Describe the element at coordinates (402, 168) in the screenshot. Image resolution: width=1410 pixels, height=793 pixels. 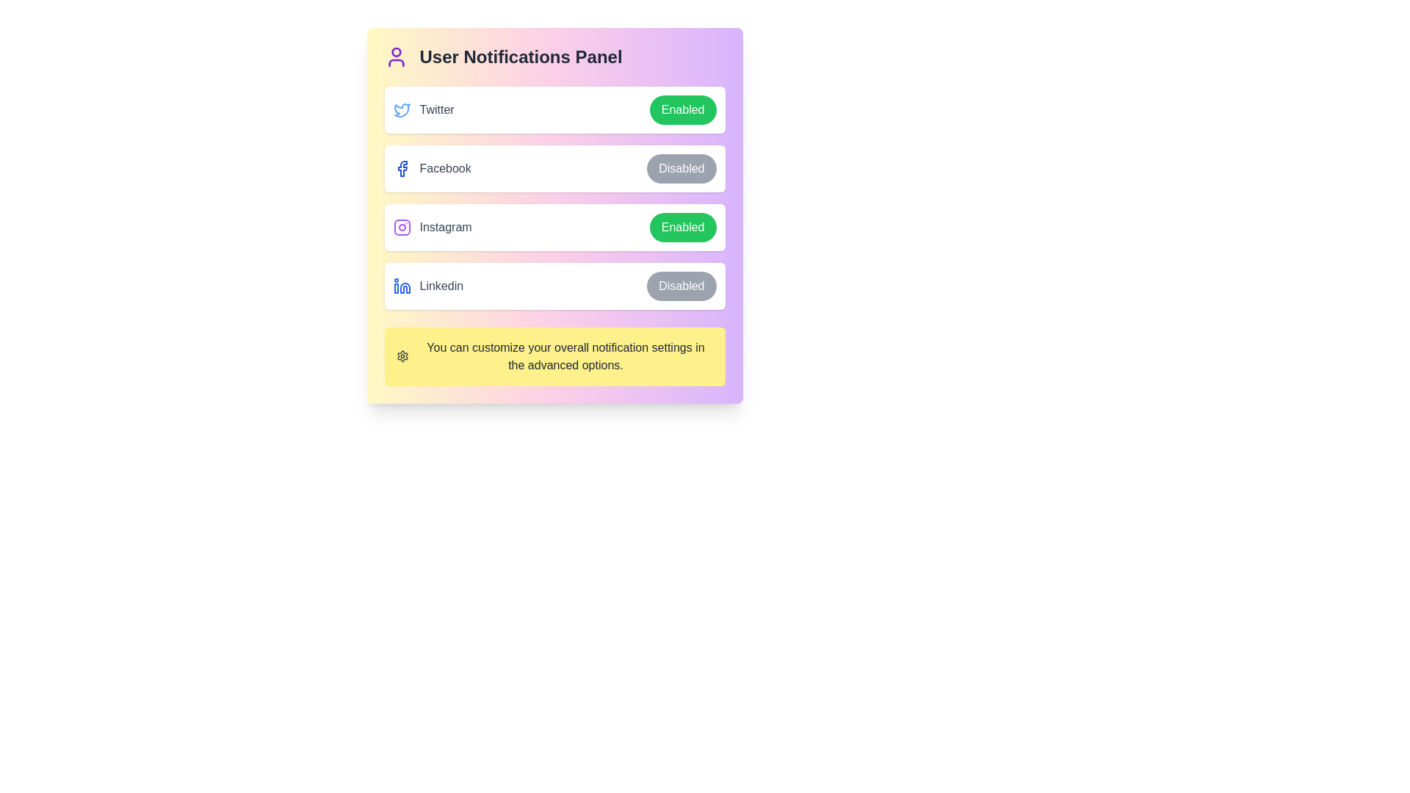
I see `the Facebook icon in the User Notifications Panel to highlight or interact with surrounding elements` at that location.